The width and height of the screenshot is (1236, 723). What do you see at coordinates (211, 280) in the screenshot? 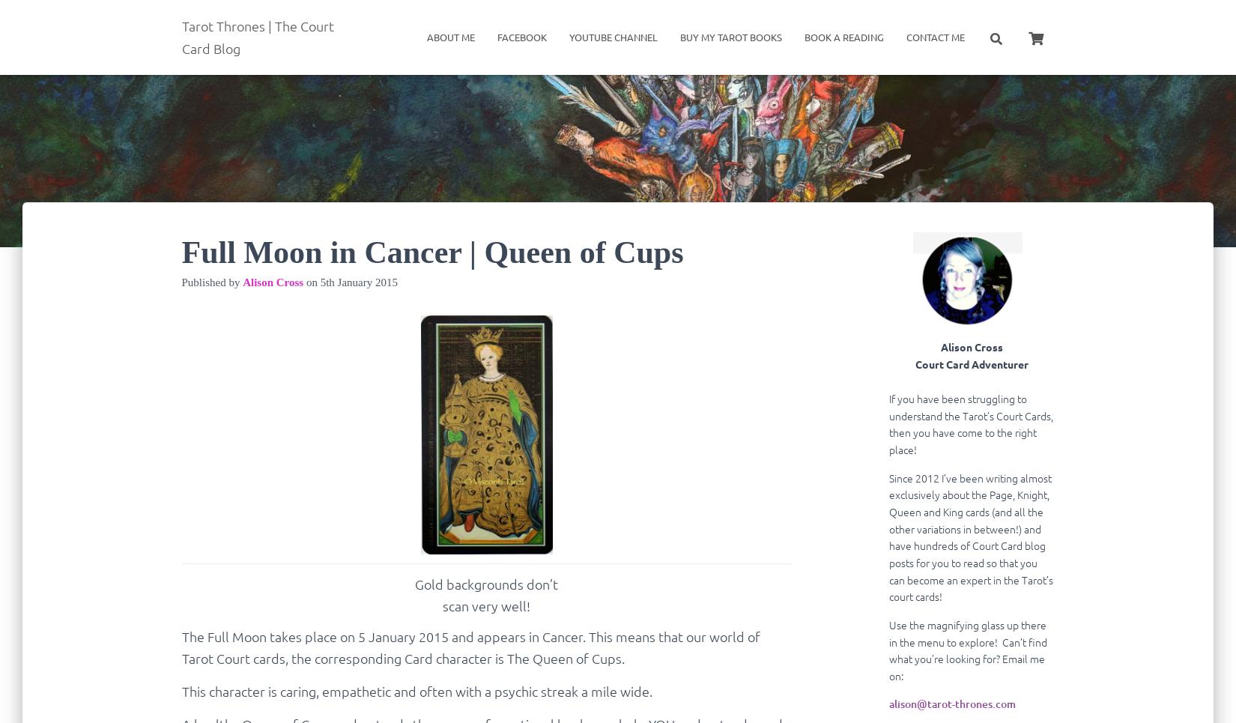
I see `'Published by'` at bounding box center [211, 280].